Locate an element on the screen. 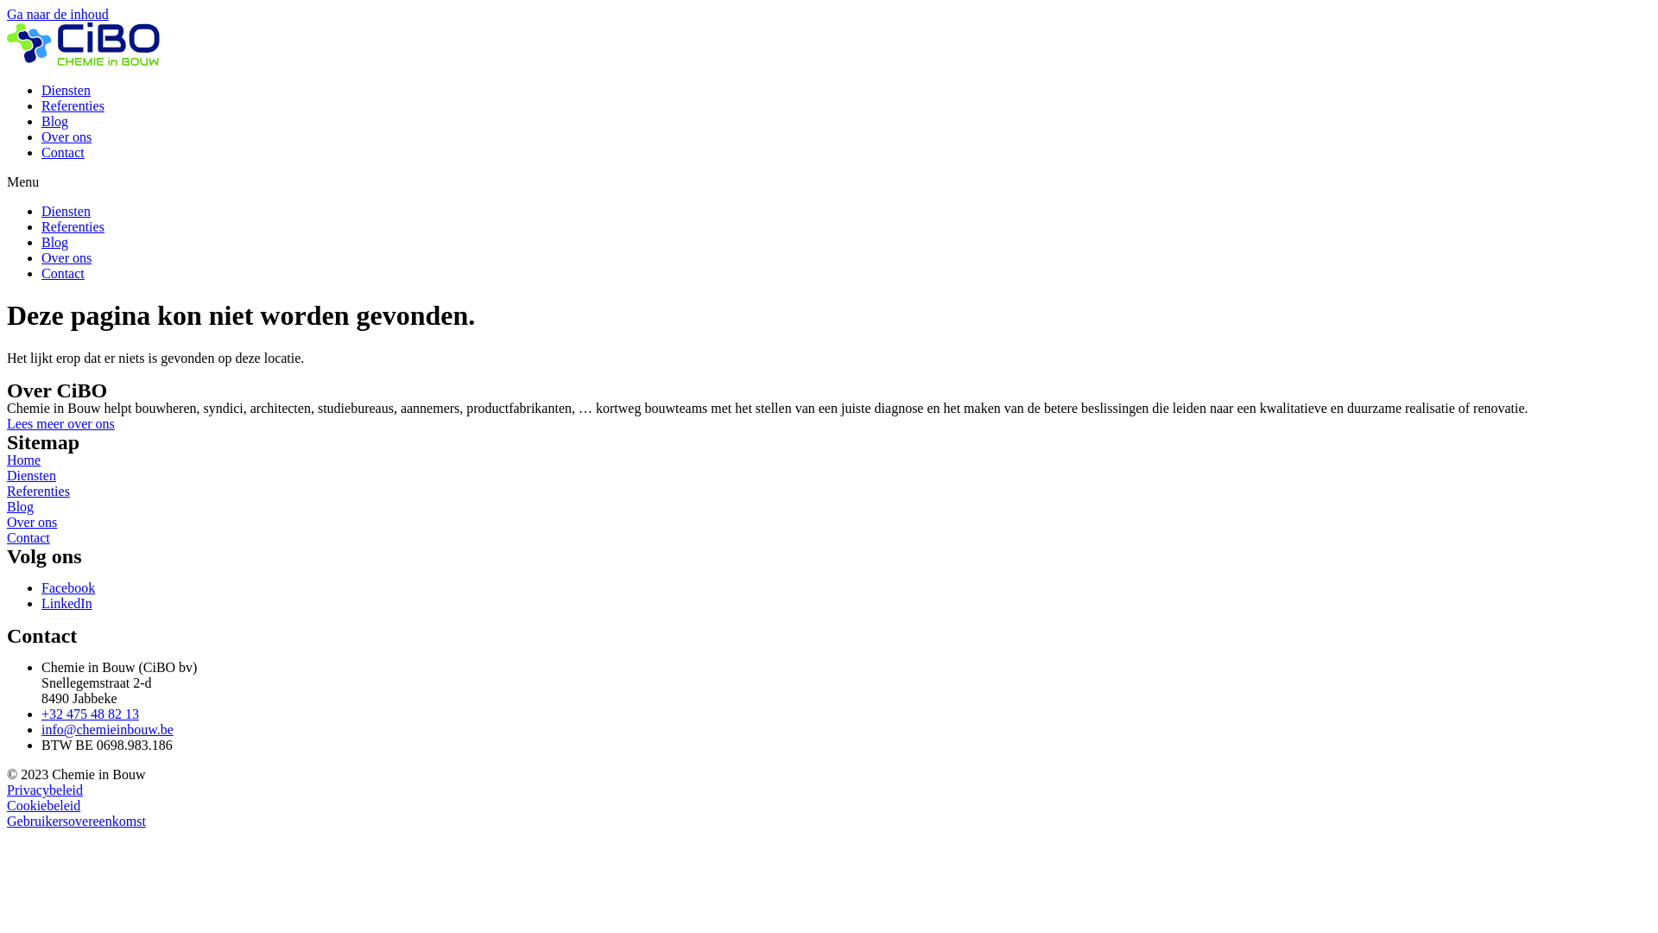 The height and width of the screenshot is (933, 1658). 'Blog' is located at coordinates (54, 242).